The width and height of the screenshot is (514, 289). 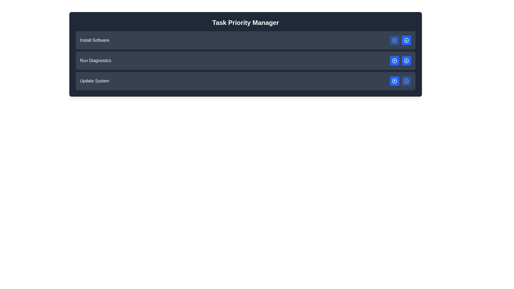 What do you see at coordinates (406, 60) in the screenshot?
I see `the SVG circle element that is part of the arrow-down icon, located in the lower right area of the interface within the 'Update System' task button` at bounding box center [406, 60].